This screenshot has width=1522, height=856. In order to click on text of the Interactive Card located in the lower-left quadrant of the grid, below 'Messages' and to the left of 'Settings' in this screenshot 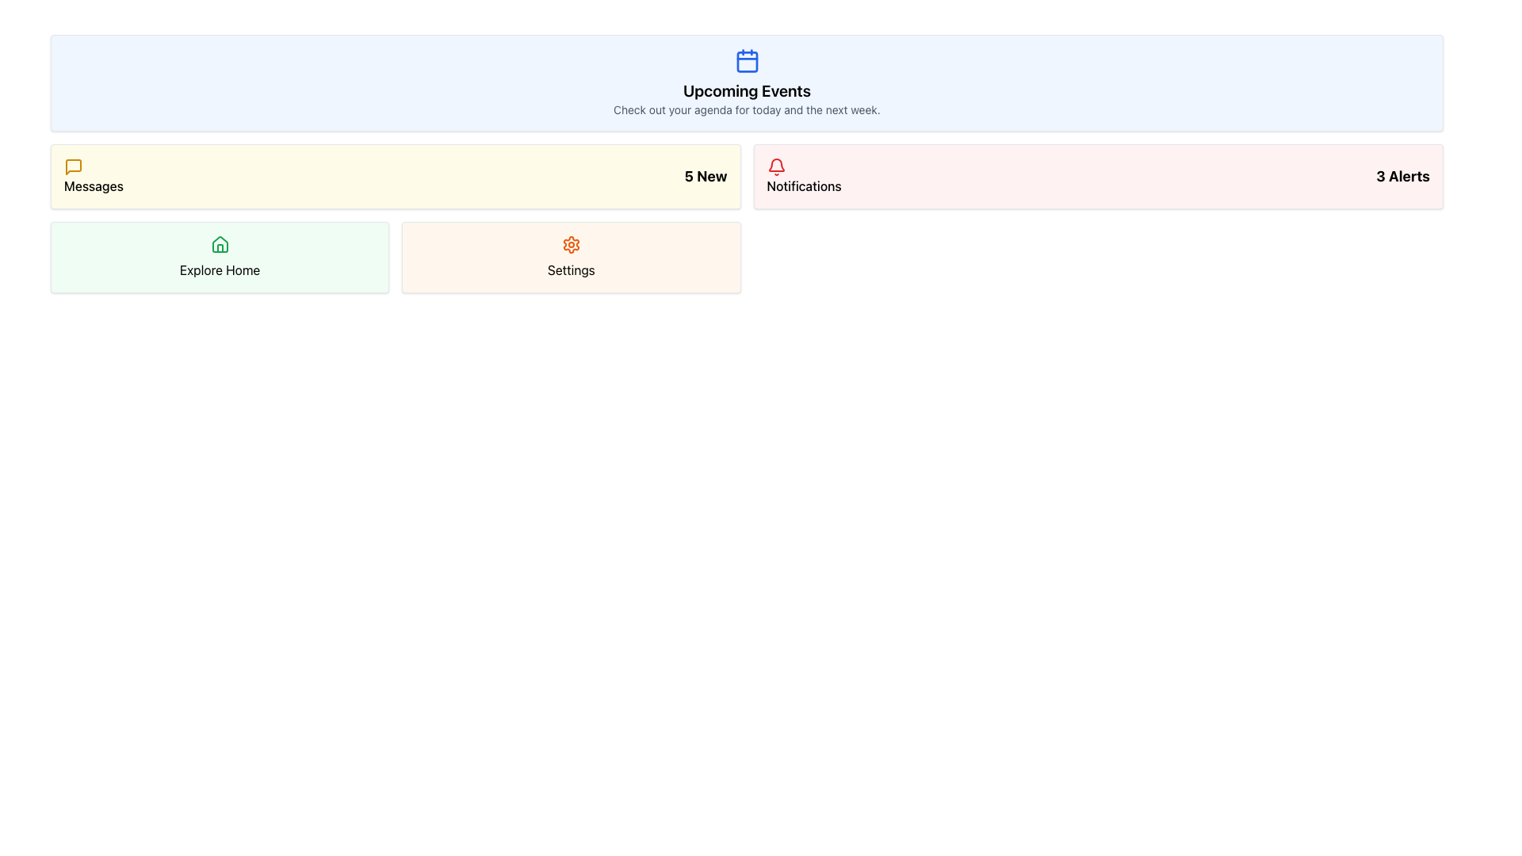, I will do `click(219, 256)`.